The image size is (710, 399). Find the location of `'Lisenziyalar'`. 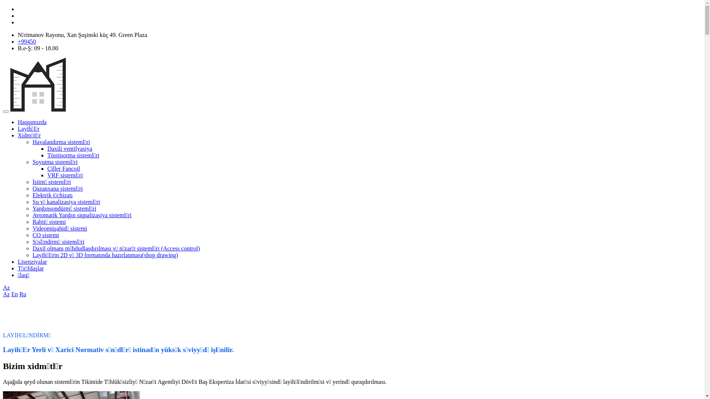

'Lisenziyalar' is located at coordinates (18, 261).